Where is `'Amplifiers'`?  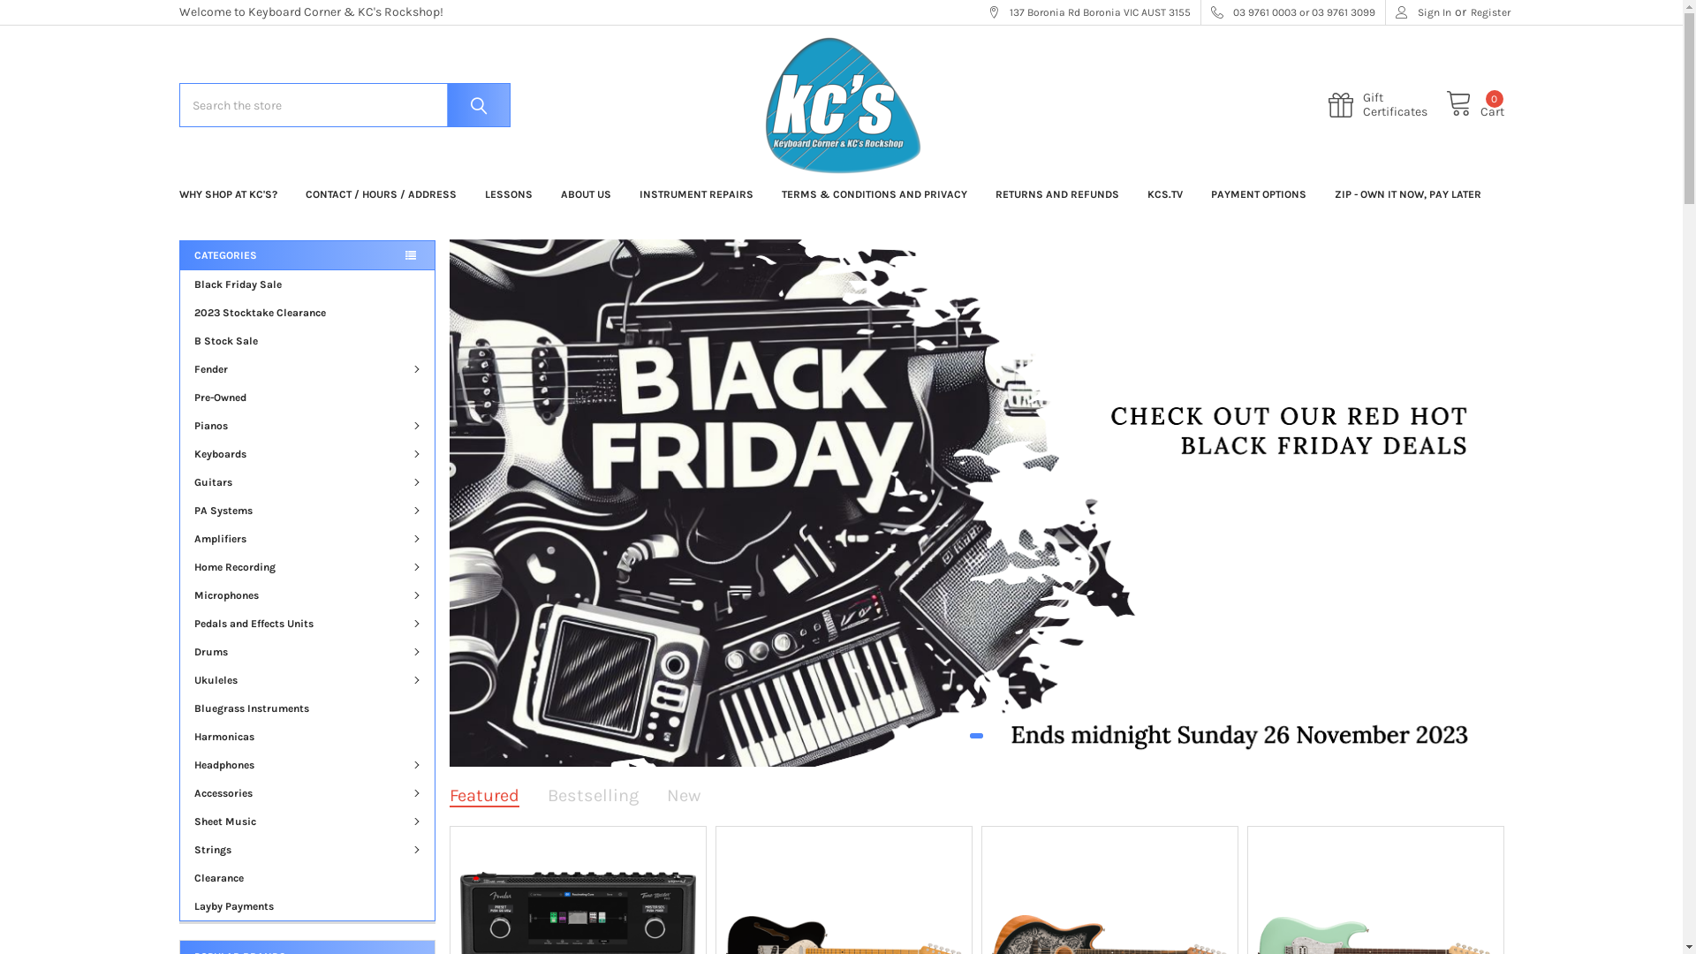
'Amplifiers' is located at coordinates (179, 537).